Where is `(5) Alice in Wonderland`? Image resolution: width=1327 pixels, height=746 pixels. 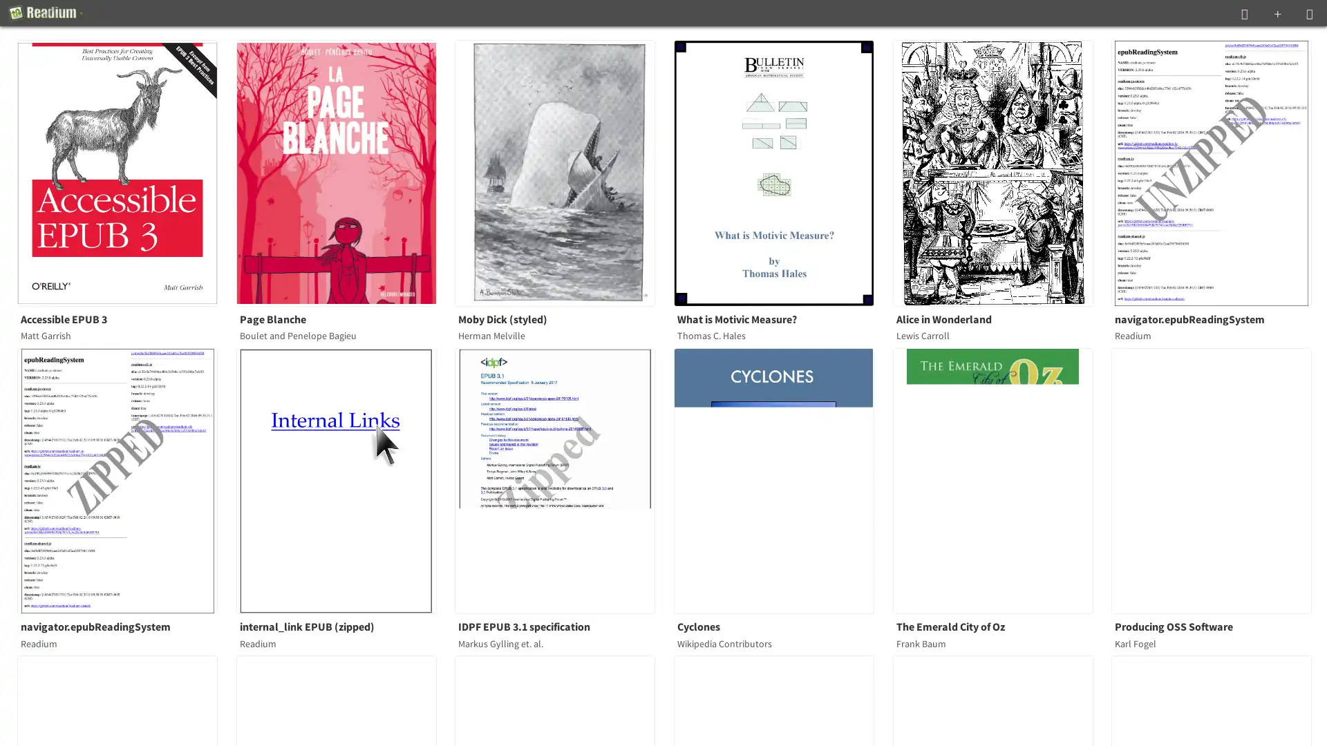 (5) Alice in Wonderland is located at coordinates (1001, 172).